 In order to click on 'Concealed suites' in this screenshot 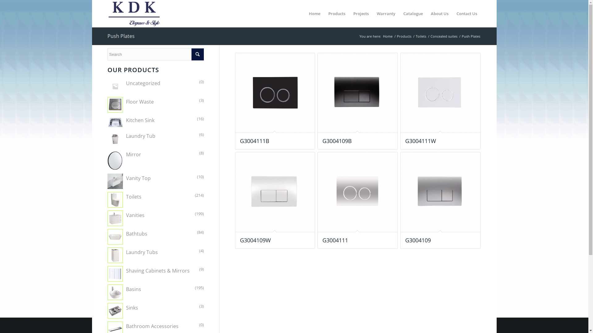, I will do `click(429, 36)`.